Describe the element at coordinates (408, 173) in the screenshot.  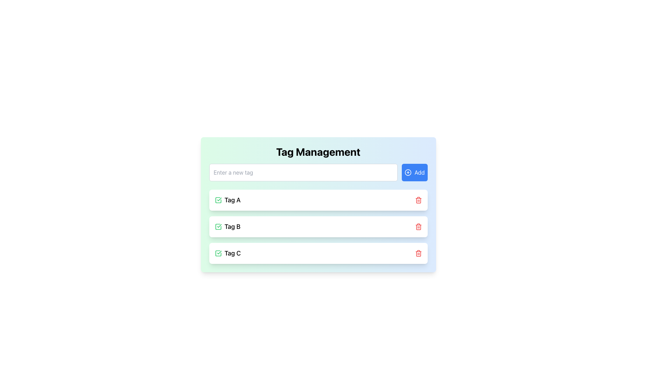
I see `the circular indicator/icon with a blue outline and dashed interior pattern located within the 'Add' button section adjacent to the tag input field in the tag management interface` at that location.